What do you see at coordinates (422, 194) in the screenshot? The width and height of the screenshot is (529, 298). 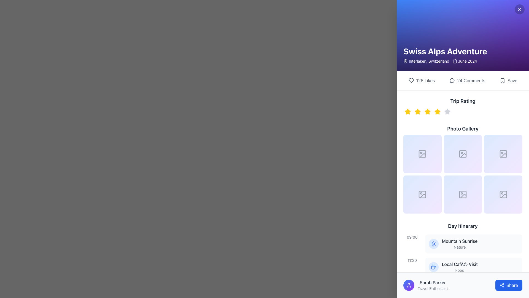 I see `the square-shaped placeholder with a gradient background and a picture frame icon, located in the second row and first column of the 'Photo Gallery' section` at bounding box center [422, 194].